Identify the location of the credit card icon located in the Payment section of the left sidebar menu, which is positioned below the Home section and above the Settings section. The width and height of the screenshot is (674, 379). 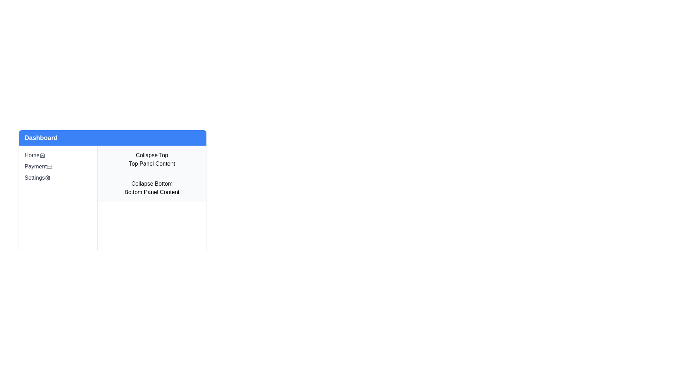
(49, 166).